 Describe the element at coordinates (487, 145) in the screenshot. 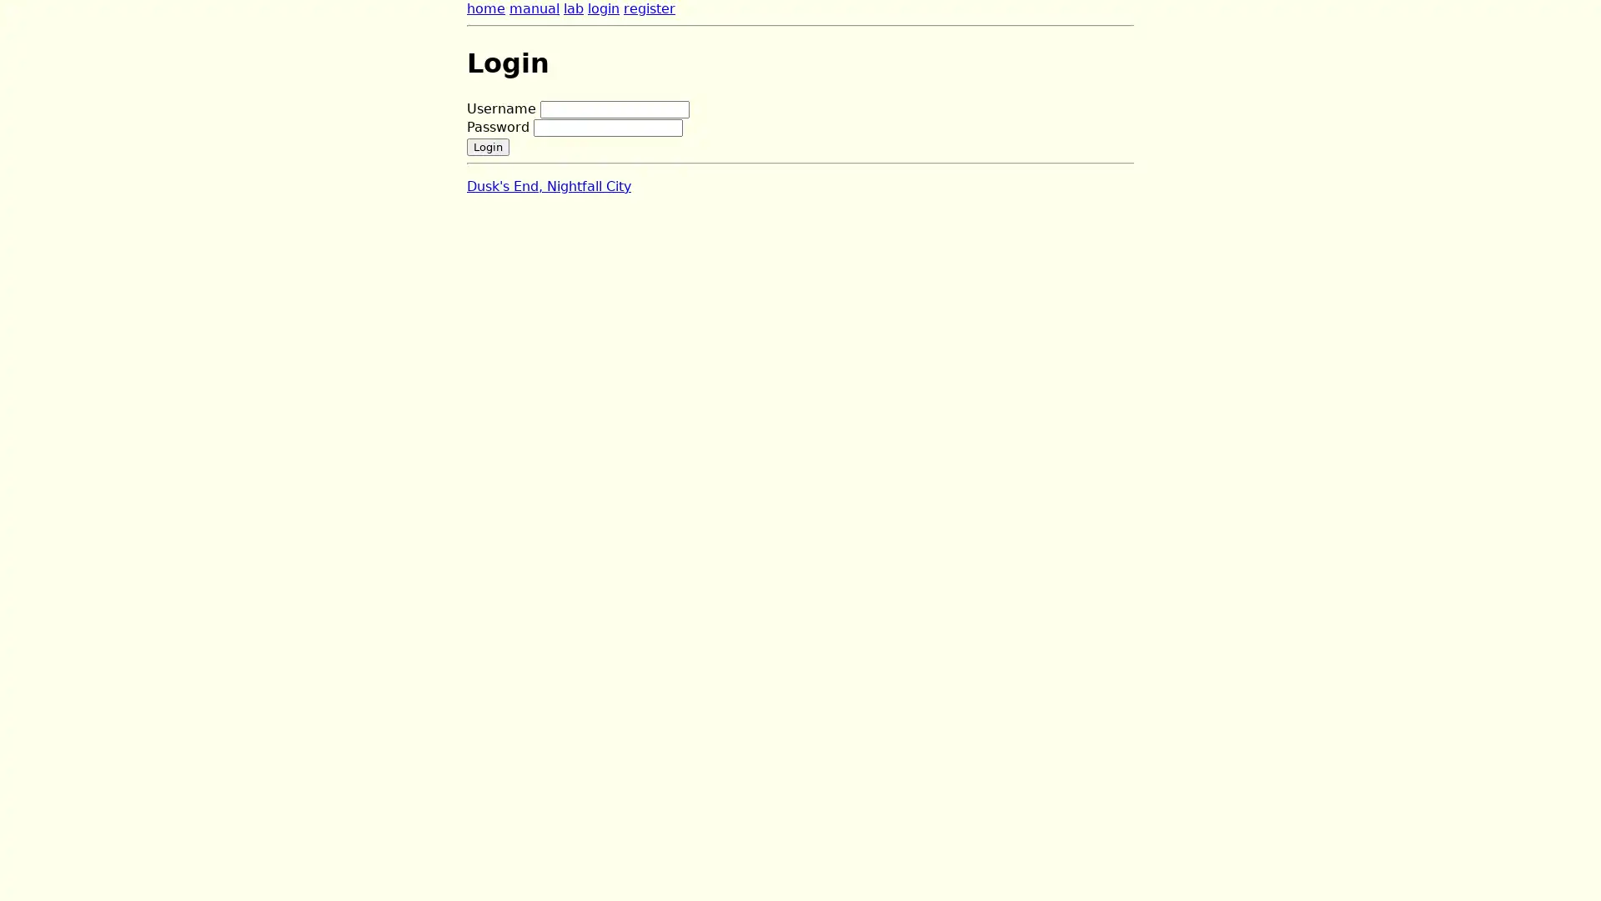

I see `Login` at that location.